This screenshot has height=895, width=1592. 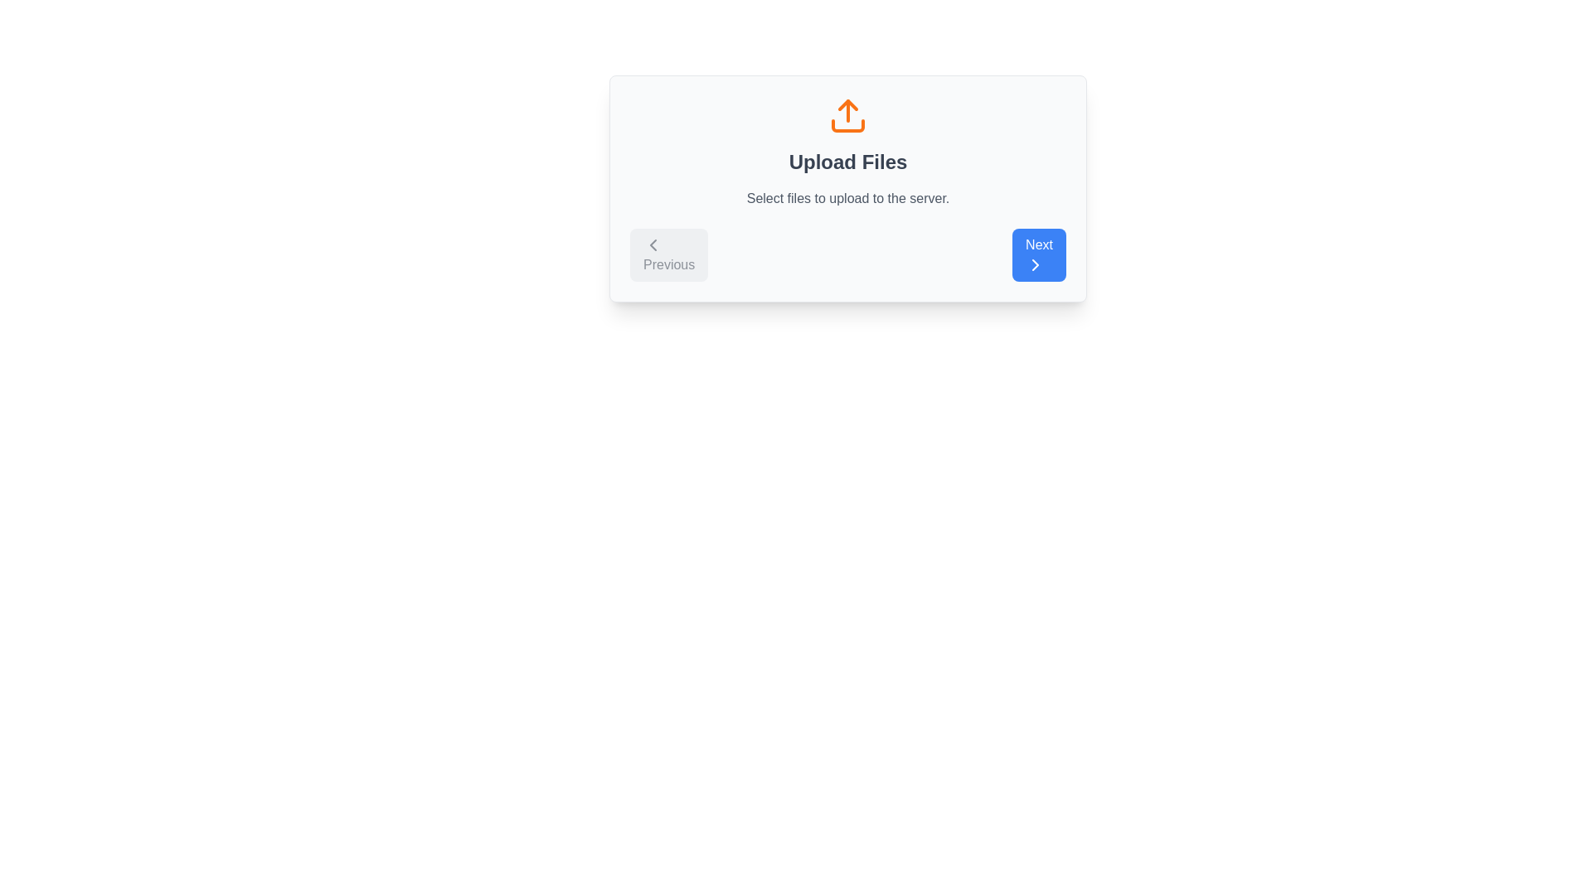 What do you see at coordinates (847, 152) in the screenshot?
I see `the informational section labeled 'Upload Files' which contains an orange upload icon and a description stating 'Select files to upload to the server.'` at bounding box center [847, 152].